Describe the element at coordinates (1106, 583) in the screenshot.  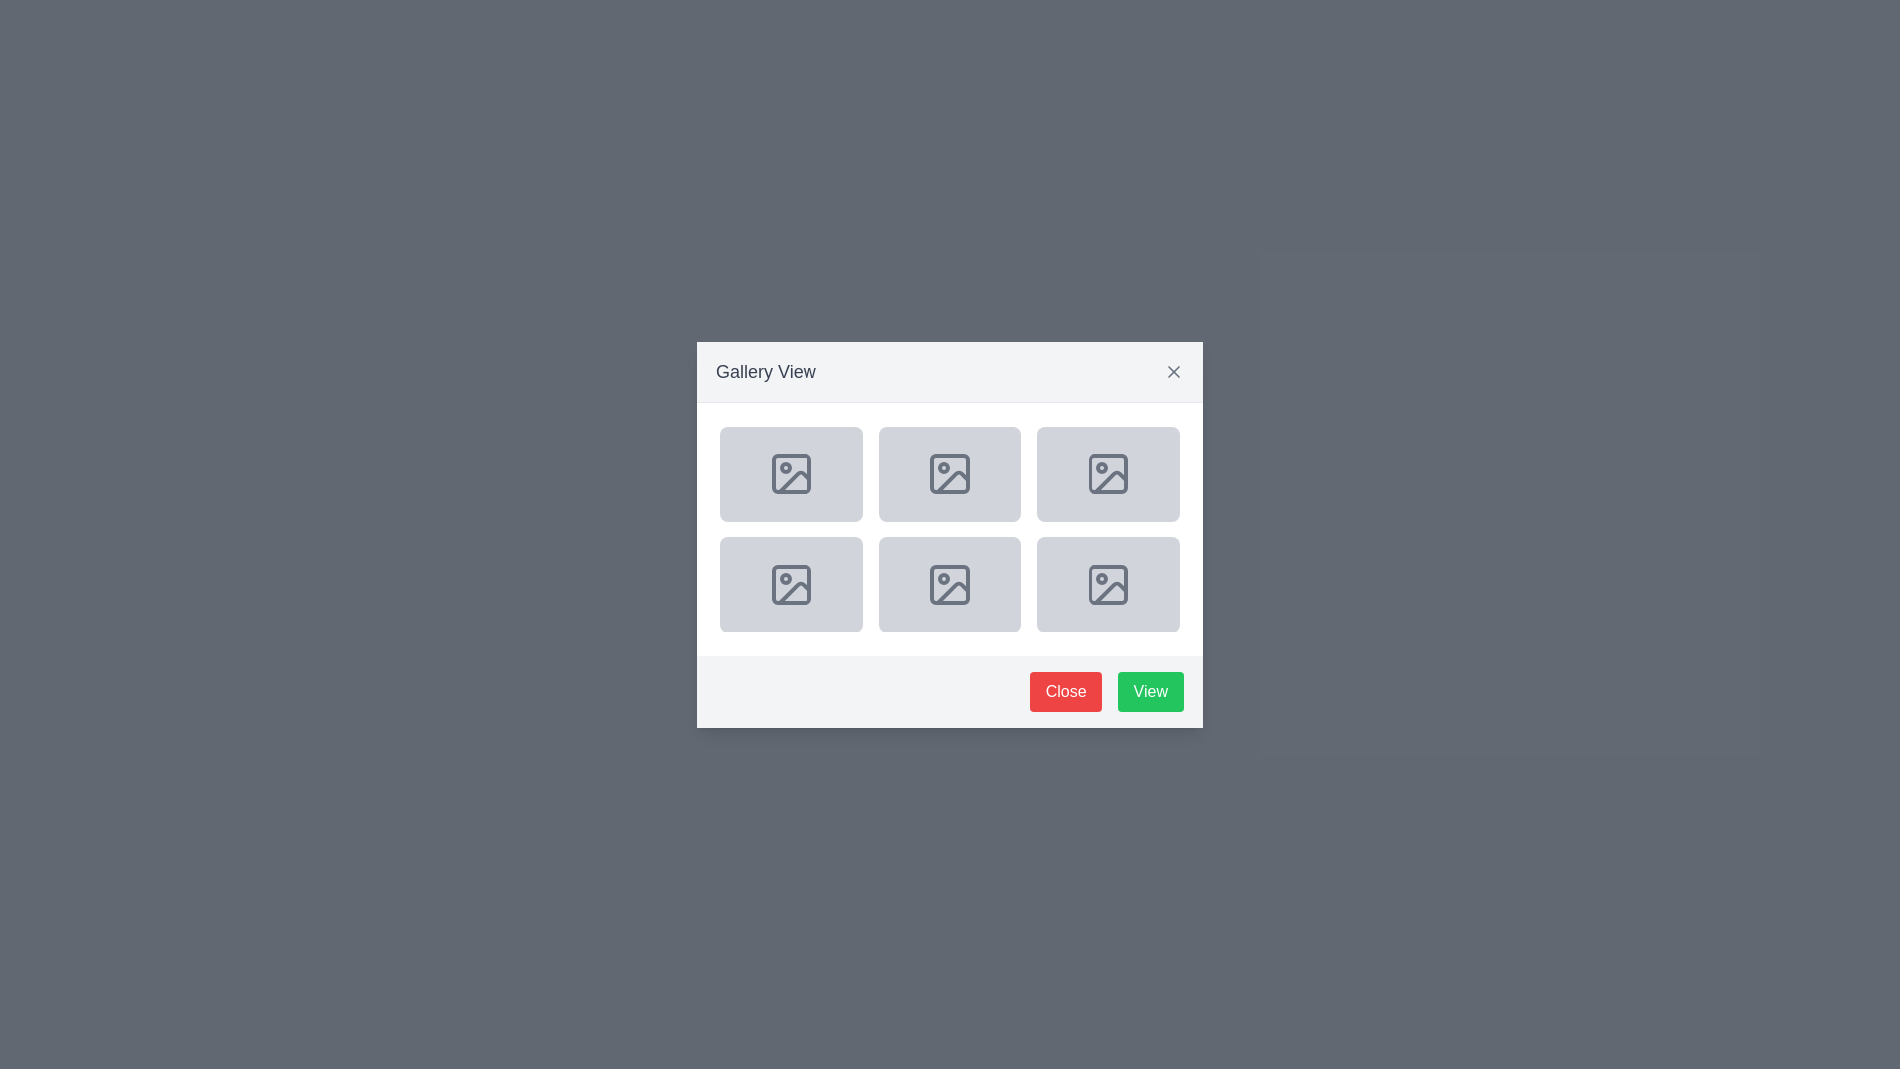
I see `small rectangular Decorative UI Component with rounded corners, styled in gray, located at the bottom-right corner of the second row in the gallery view grid, specifically the third icon in its row` at that location.